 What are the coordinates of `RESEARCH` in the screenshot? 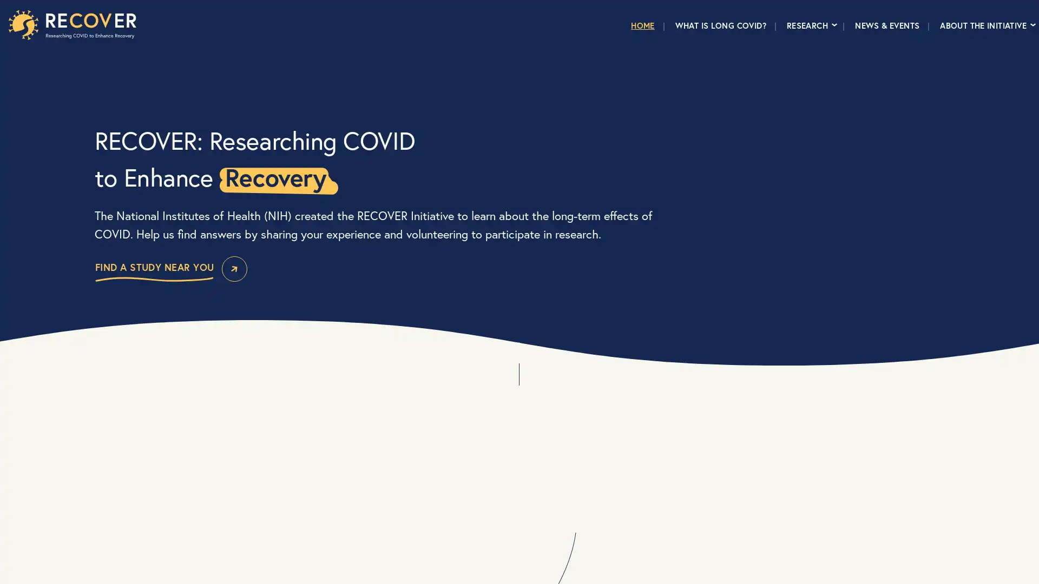 It's located at (802, 24).